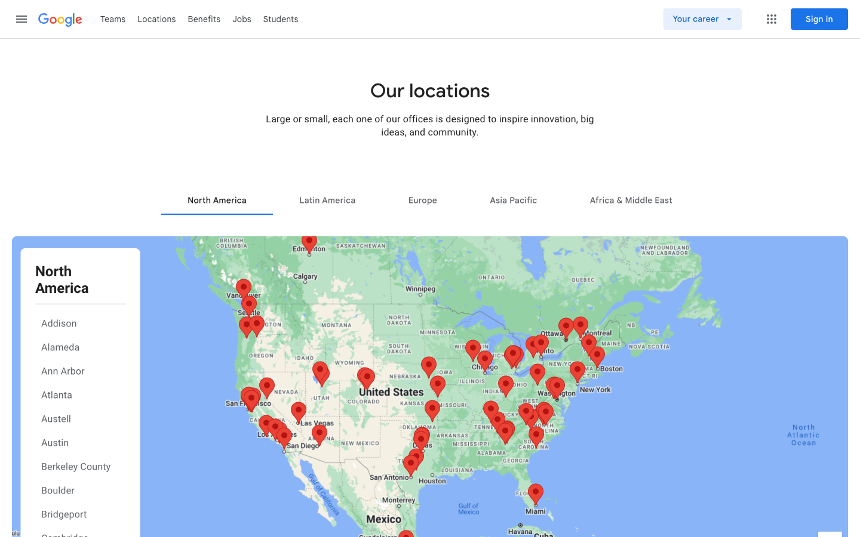 The width and height of the screenshot is (860, 537). I want to click on the main Google page, so click(60, 20).